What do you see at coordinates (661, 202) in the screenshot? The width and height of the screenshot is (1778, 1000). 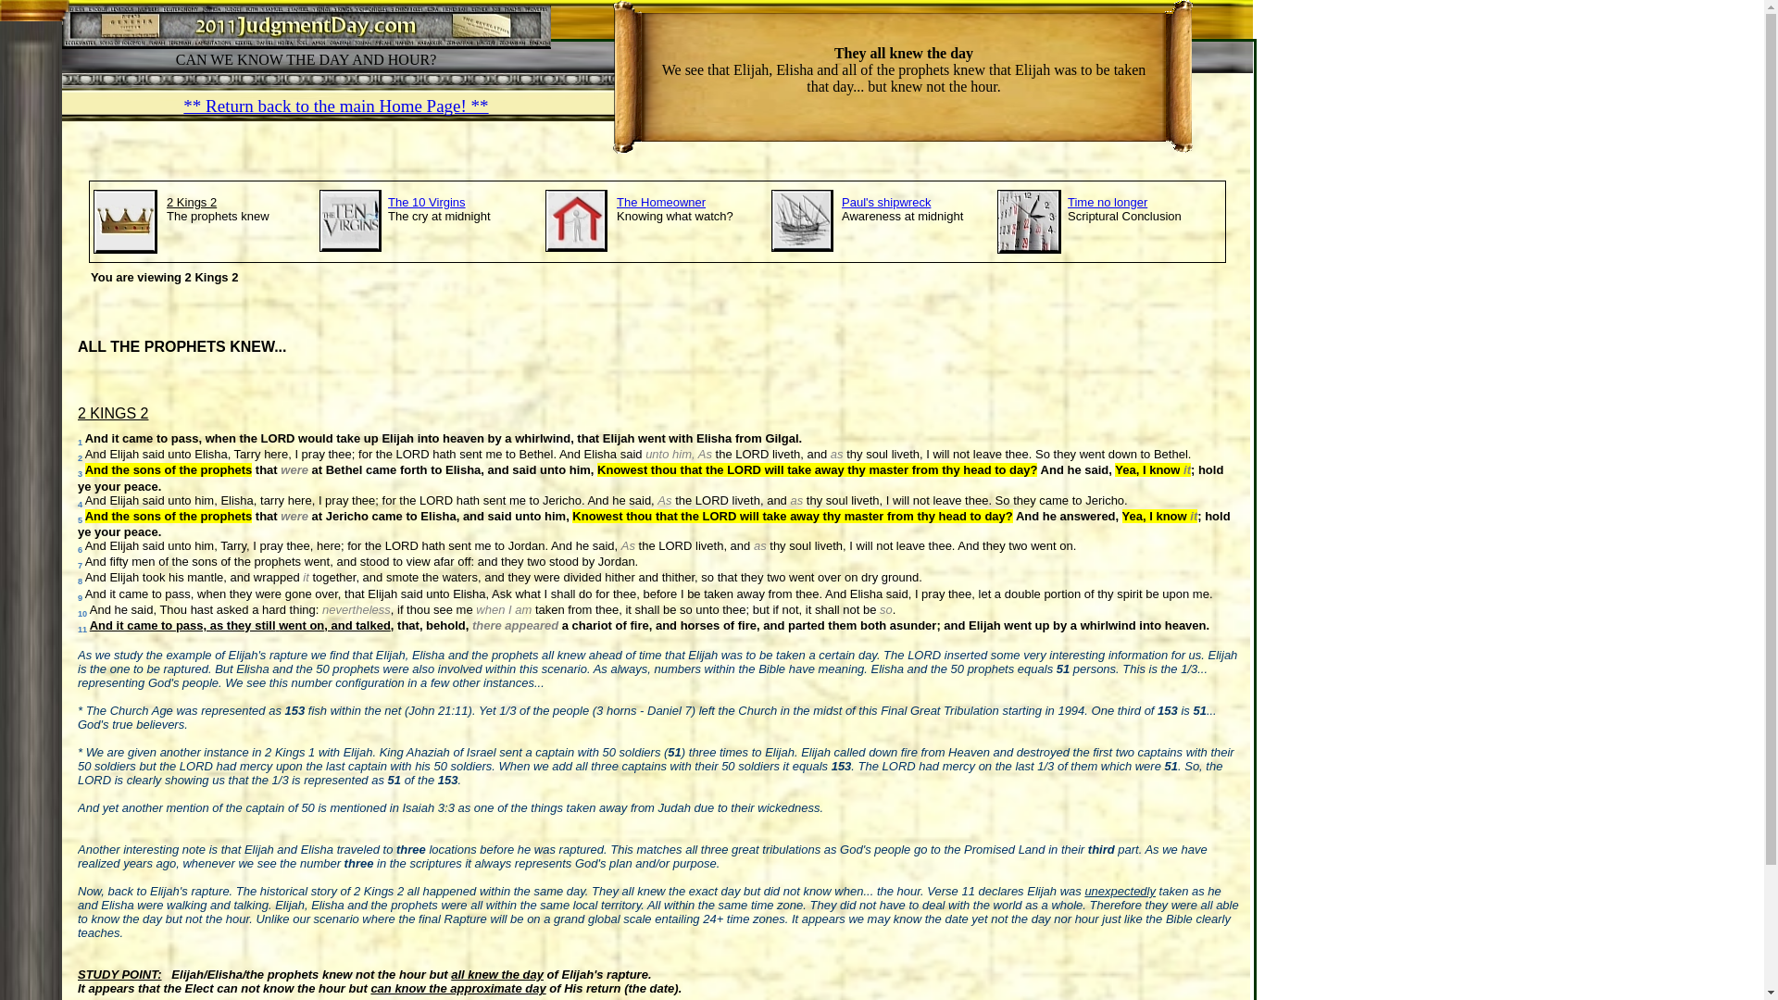 I see `'The Homeowner'` at bounding box center [661, 202].